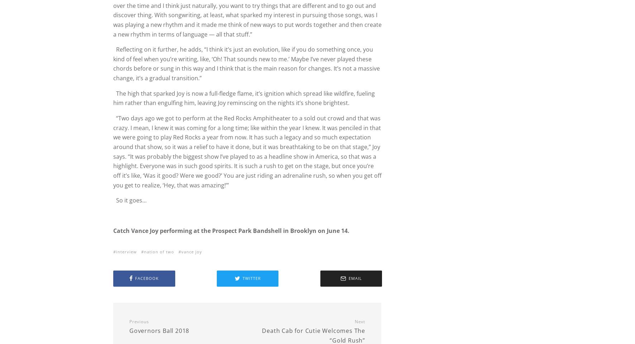  Describe the element at coordinates (129, 321) in the screenshot. I see `'Previous'` at that location.